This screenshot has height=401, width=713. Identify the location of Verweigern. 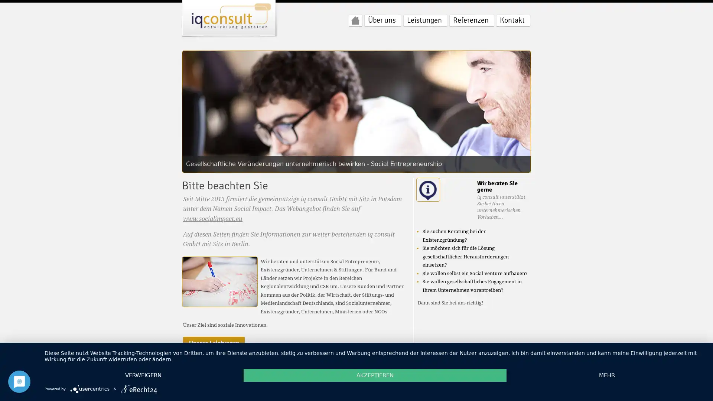
(143, 375).